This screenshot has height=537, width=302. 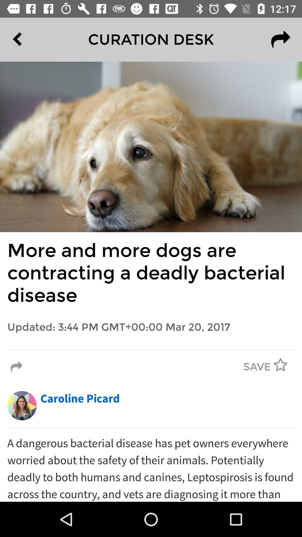 I want to click on more and more icon, so click(x=151, y=273).